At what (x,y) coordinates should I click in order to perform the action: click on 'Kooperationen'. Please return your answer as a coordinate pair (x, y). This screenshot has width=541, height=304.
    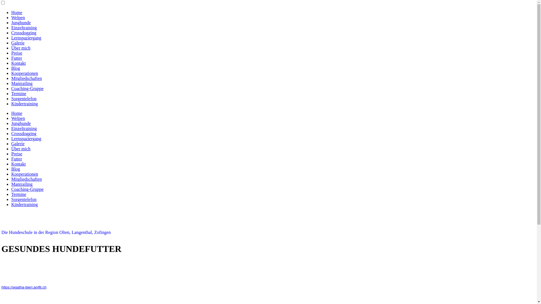
    Looking at the image, I should click on (24, 73).